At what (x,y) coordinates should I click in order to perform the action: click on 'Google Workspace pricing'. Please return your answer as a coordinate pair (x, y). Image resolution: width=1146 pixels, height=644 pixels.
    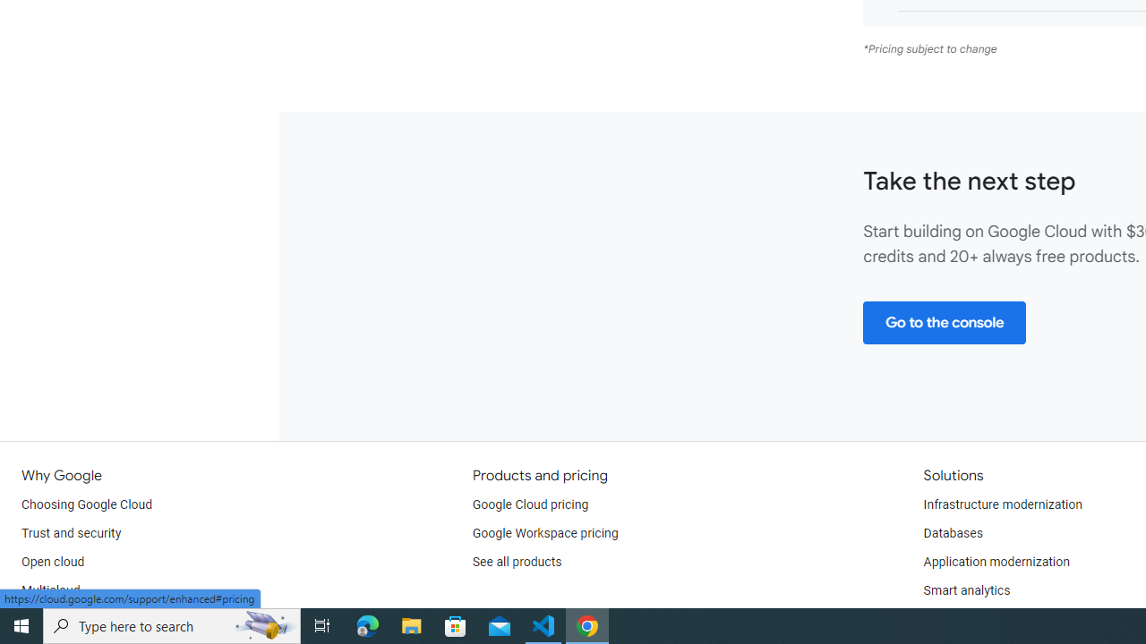
    Looking at the image, I should click on (544, 532).